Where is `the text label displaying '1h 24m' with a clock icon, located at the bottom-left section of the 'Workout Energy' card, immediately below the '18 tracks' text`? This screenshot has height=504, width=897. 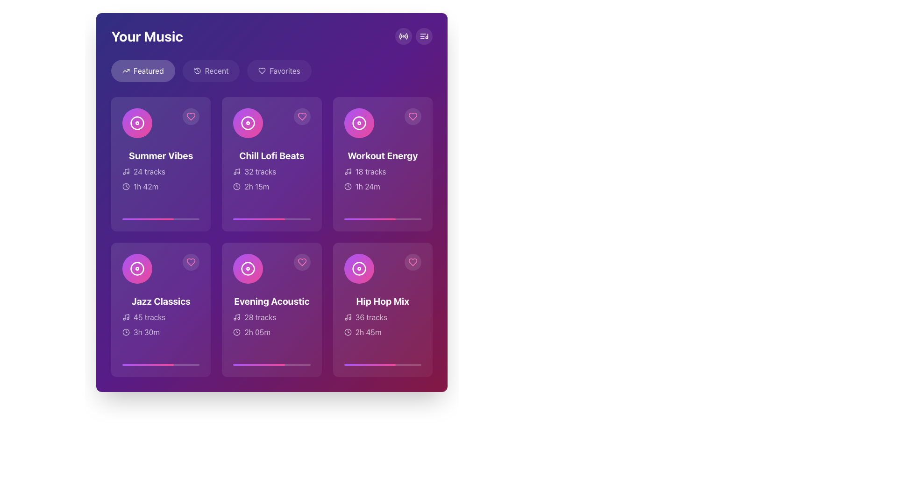
the text label displaying '1h 24m' with a clock icon, located at the bottom-left section of the 'Workout Energy' card, immediately below the '18 tracks' text is located at coordinates (383, 187).